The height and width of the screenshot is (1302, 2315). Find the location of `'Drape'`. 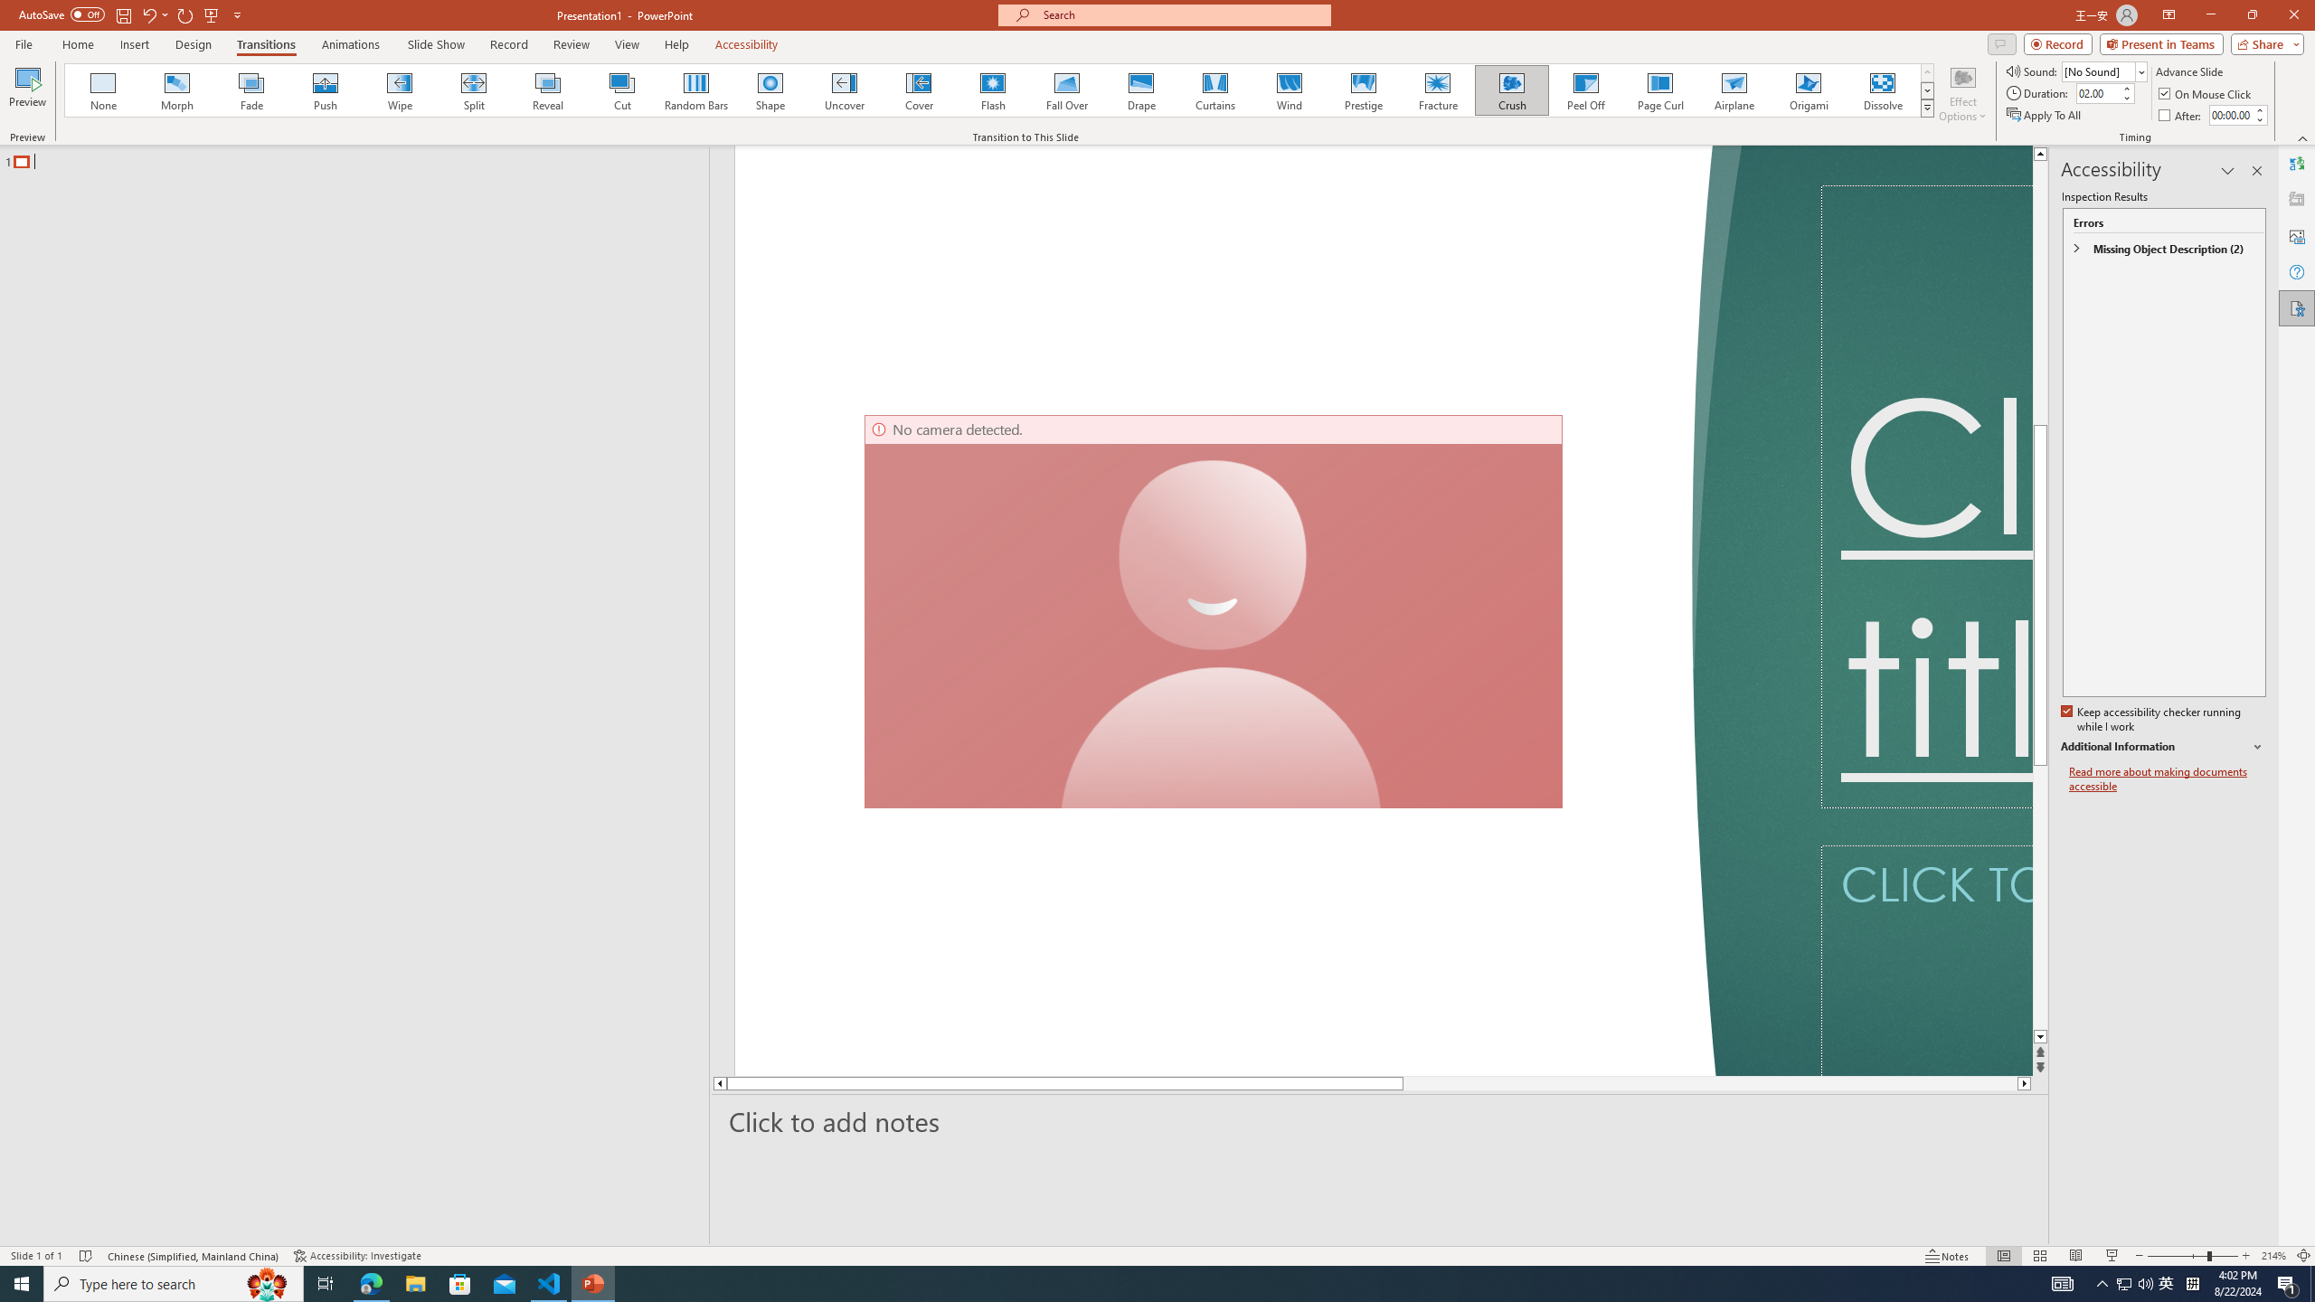

'Drape' is located at coordinates (1140, 90).